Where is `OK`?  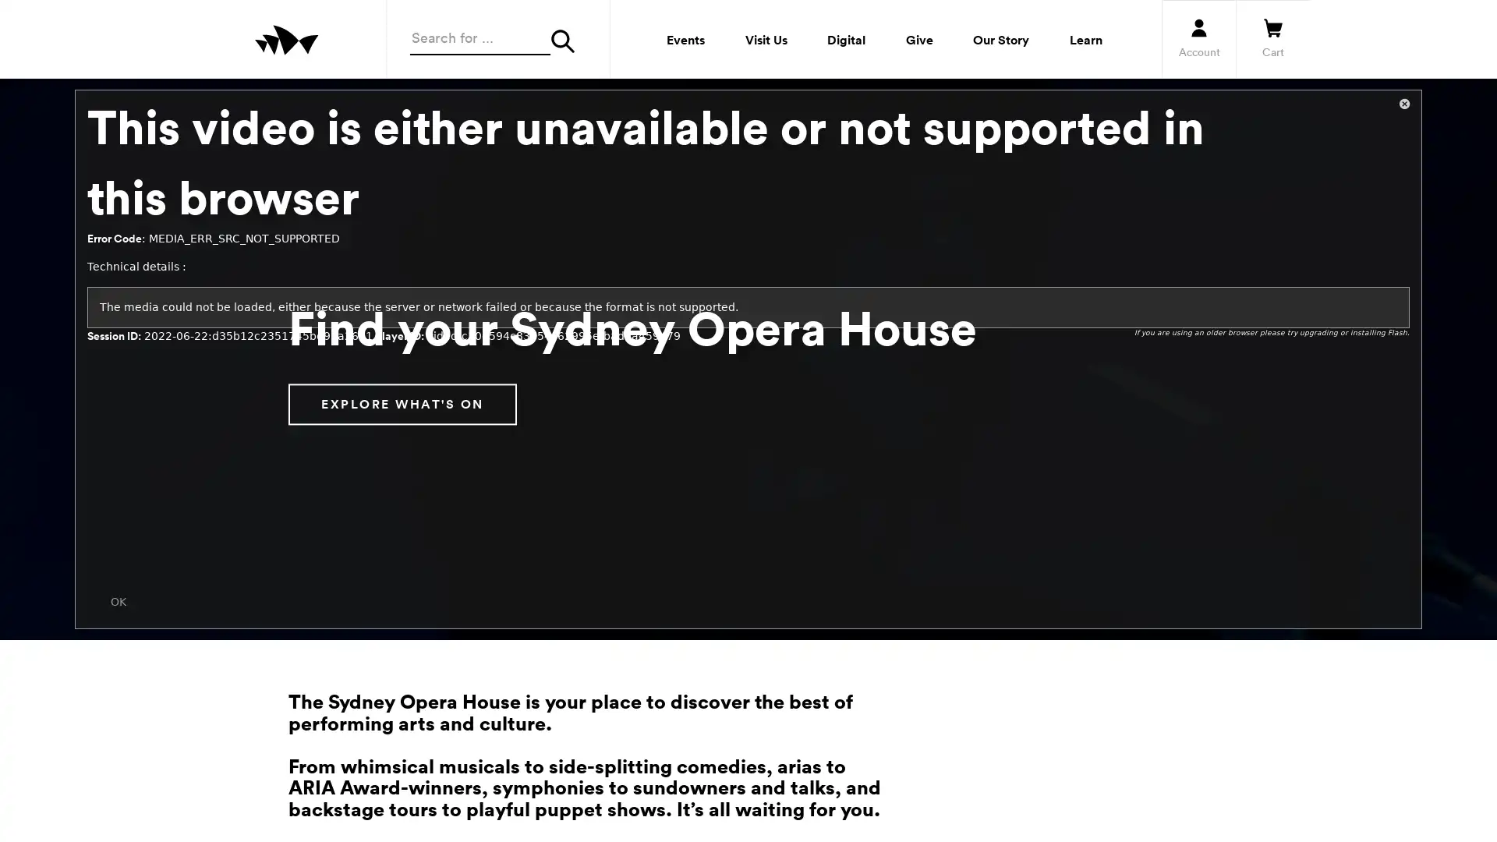 OK is located at coordinates (118, 600).